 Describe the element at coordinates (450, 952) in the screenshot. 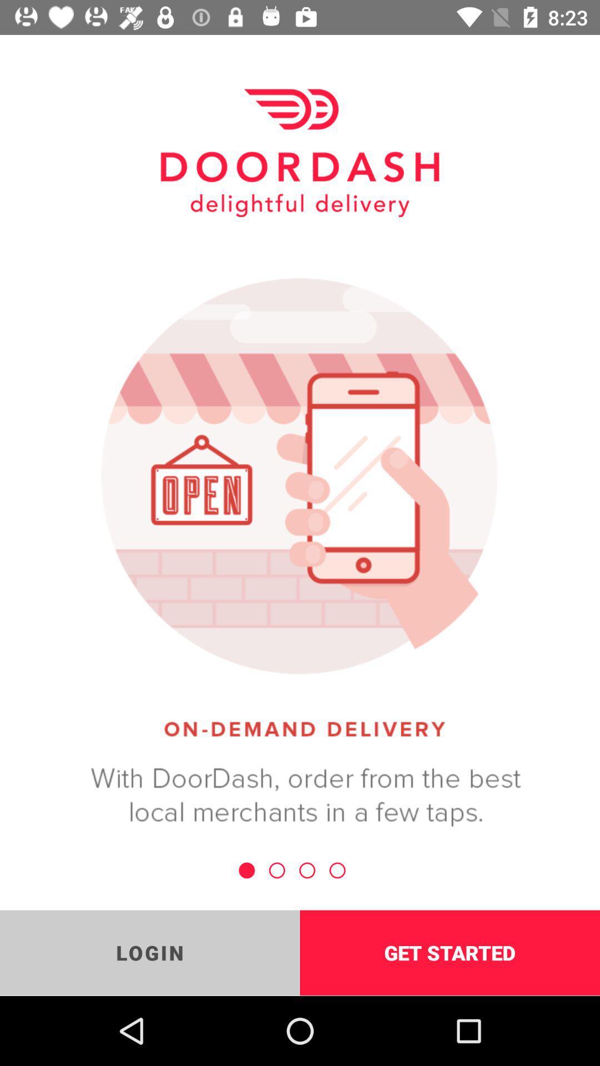

I see `the icon to the right of the login icon` at that location.